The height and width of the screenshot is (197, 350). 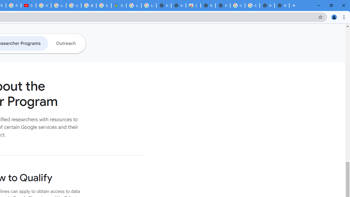 What do you see at coordinates (104, 5) in the screenshot?
I see `'Explore new street-level details - Google Maps Help'` at bounding box center [104, 5].